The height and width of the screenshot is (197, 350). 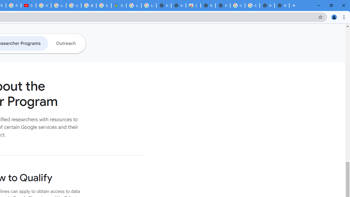 What do you see at coordinates (104, 5) in the screenshot?
I see `'Explore new street-level details - Google Maps Help'` at bounding box center [104, 5].